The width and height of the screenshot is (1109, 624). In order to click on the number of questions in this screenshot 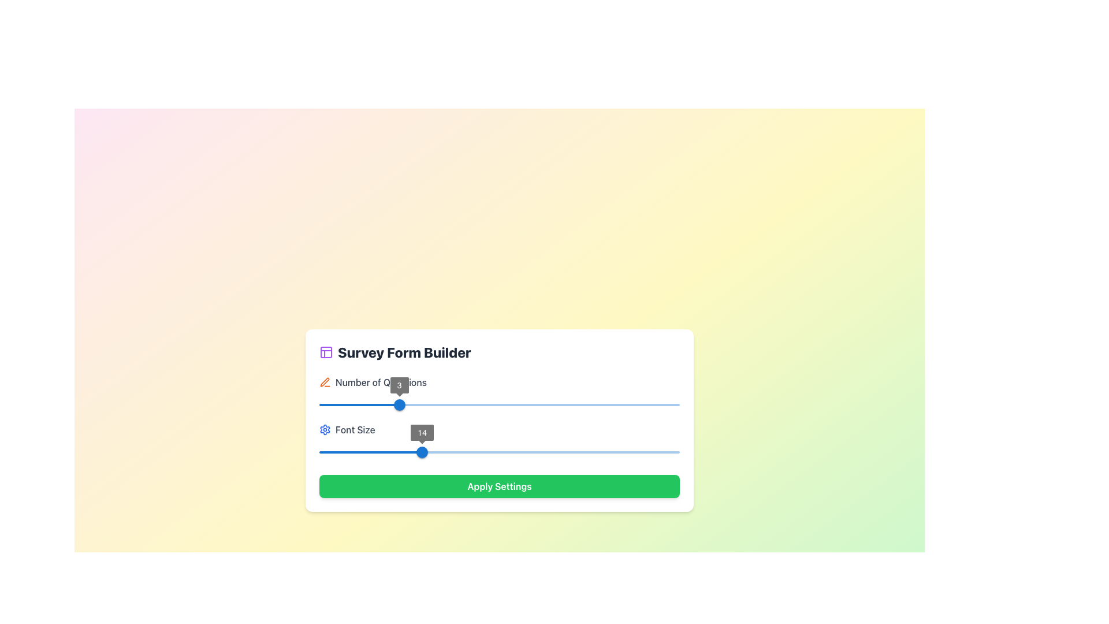, I will do `click(359, 404)`.